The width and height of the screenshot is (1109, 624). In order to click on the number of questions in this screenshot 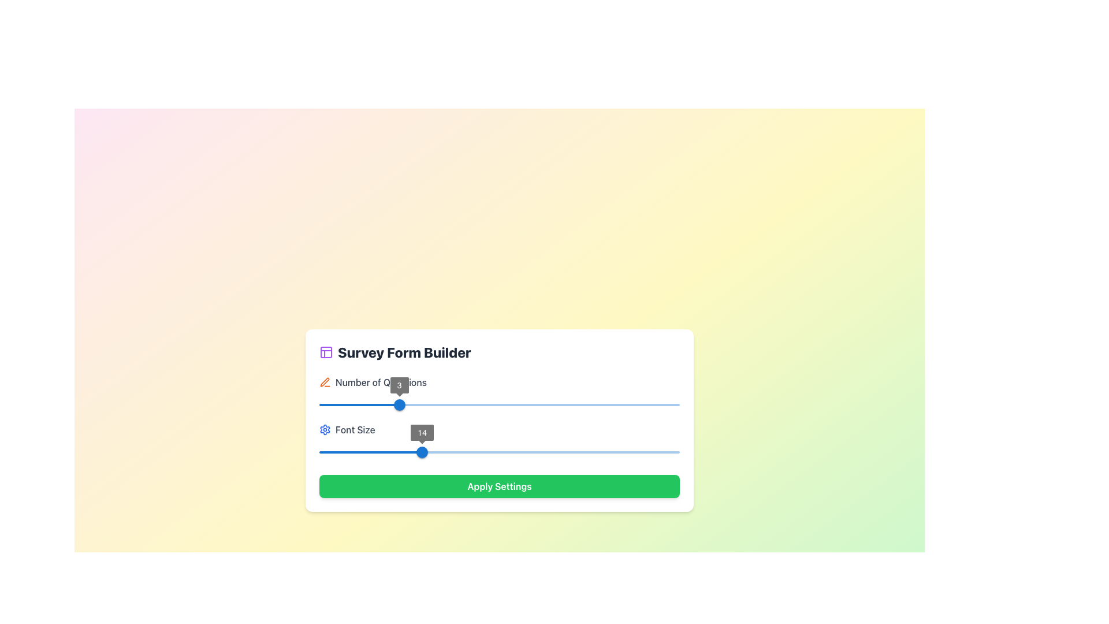, I will do `click(359, 404)`.